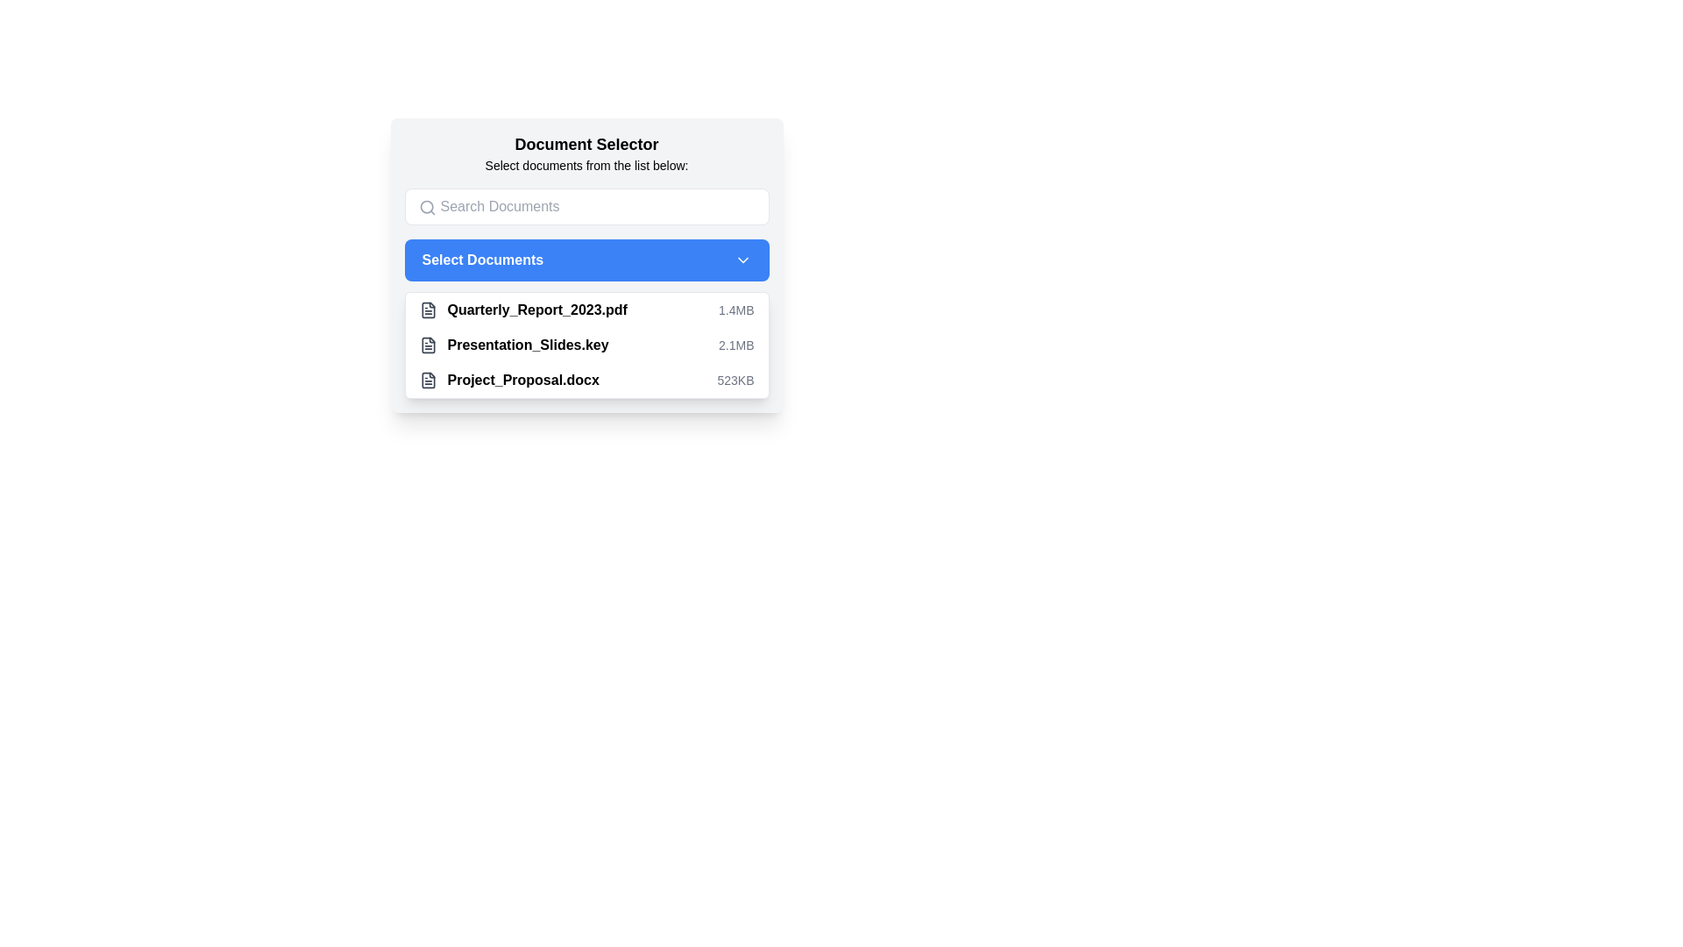 The width and height of the screenshot is (1683, 947). Describe the element at coordinates (527, 345) in the screenshot. I see `the text label representing the file 'Presentation_Slides.key' in the document selection interface, located in the second row of the file list` at that location.